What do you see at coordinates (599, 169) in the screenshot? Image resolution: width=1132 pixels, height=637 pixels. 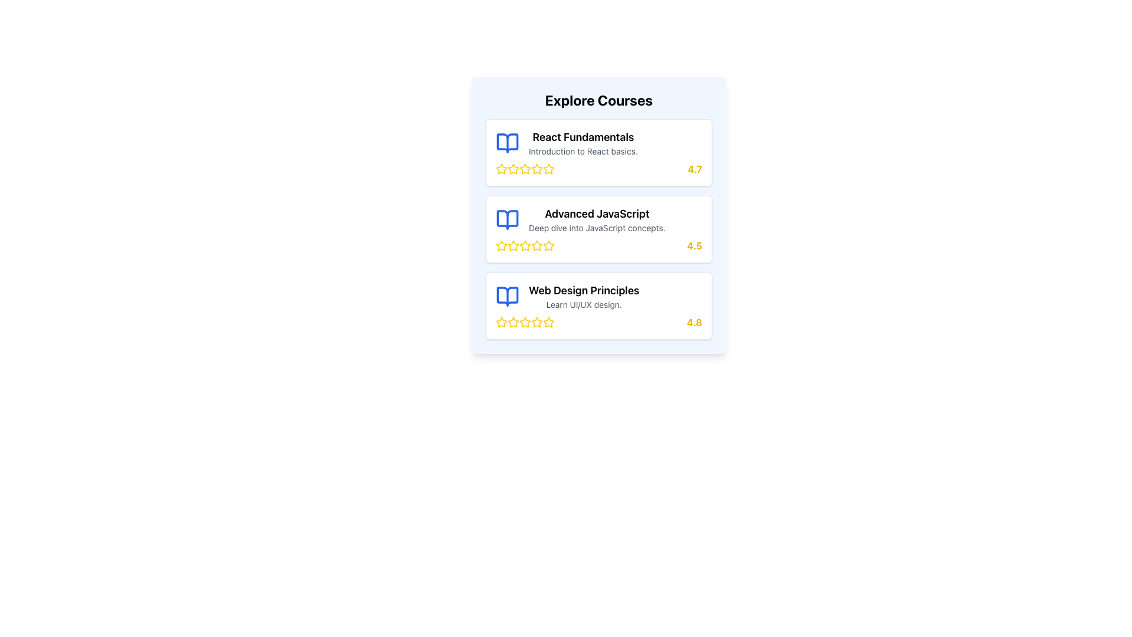 I see `the individual stars of the Rating Indicator located under the description 'Introduction to React basics' in the 'React Fundamentals' card, if they are clickable components` at bounding box center [599, 169].